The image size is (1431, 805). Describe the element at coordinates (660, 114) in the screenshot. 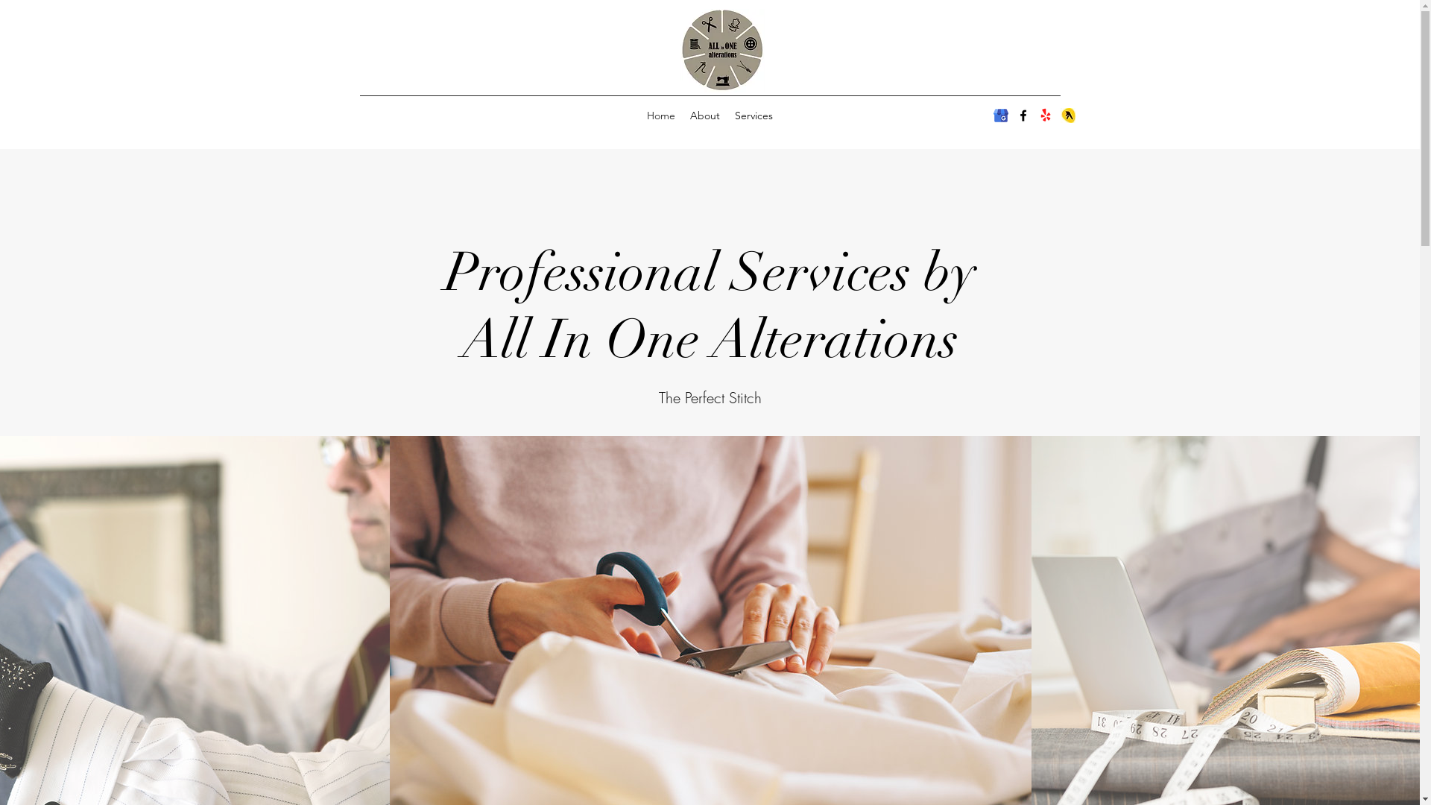

I see `'Home'` at that location.